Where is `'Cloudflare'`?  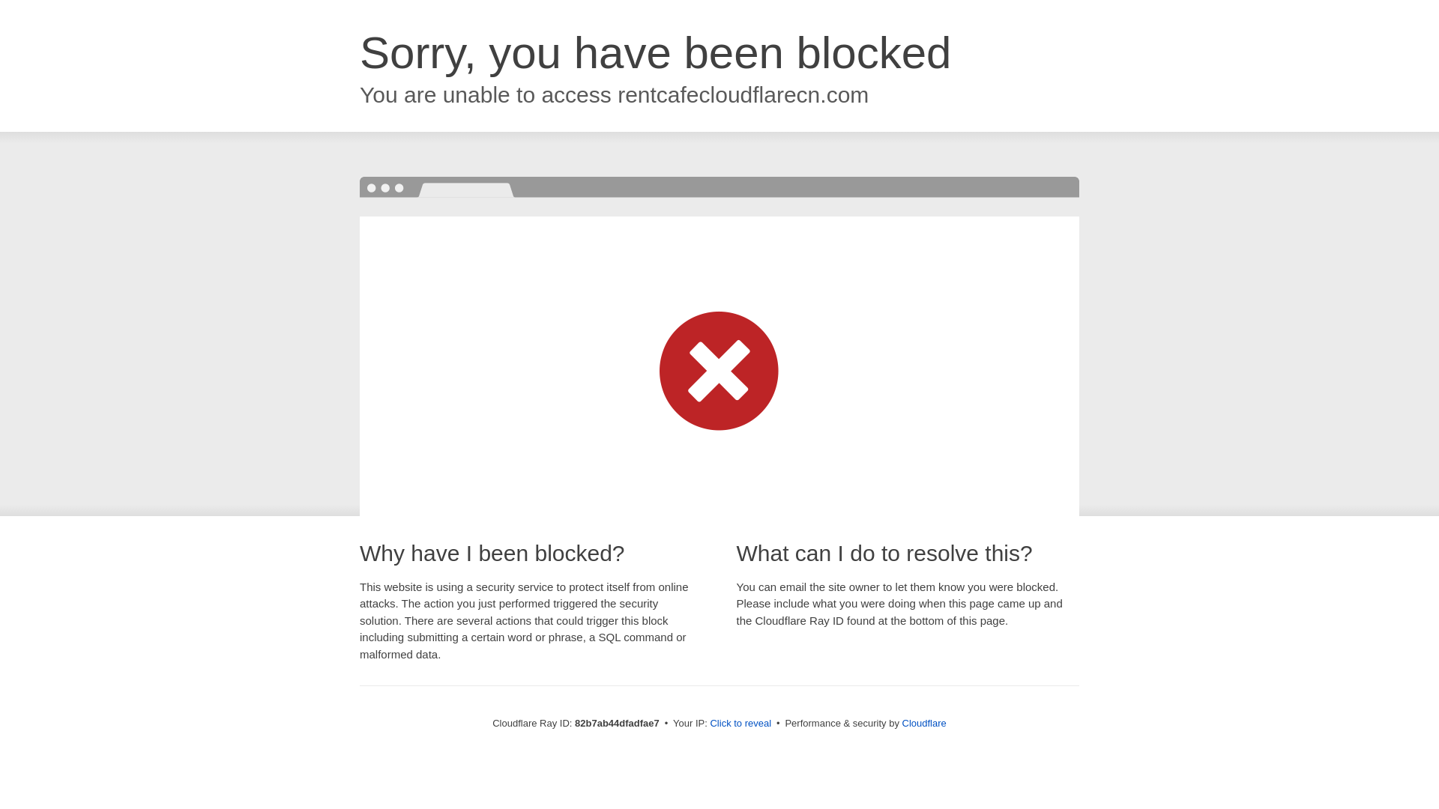 'Cloudflare' is located at coordinates (902, 722).